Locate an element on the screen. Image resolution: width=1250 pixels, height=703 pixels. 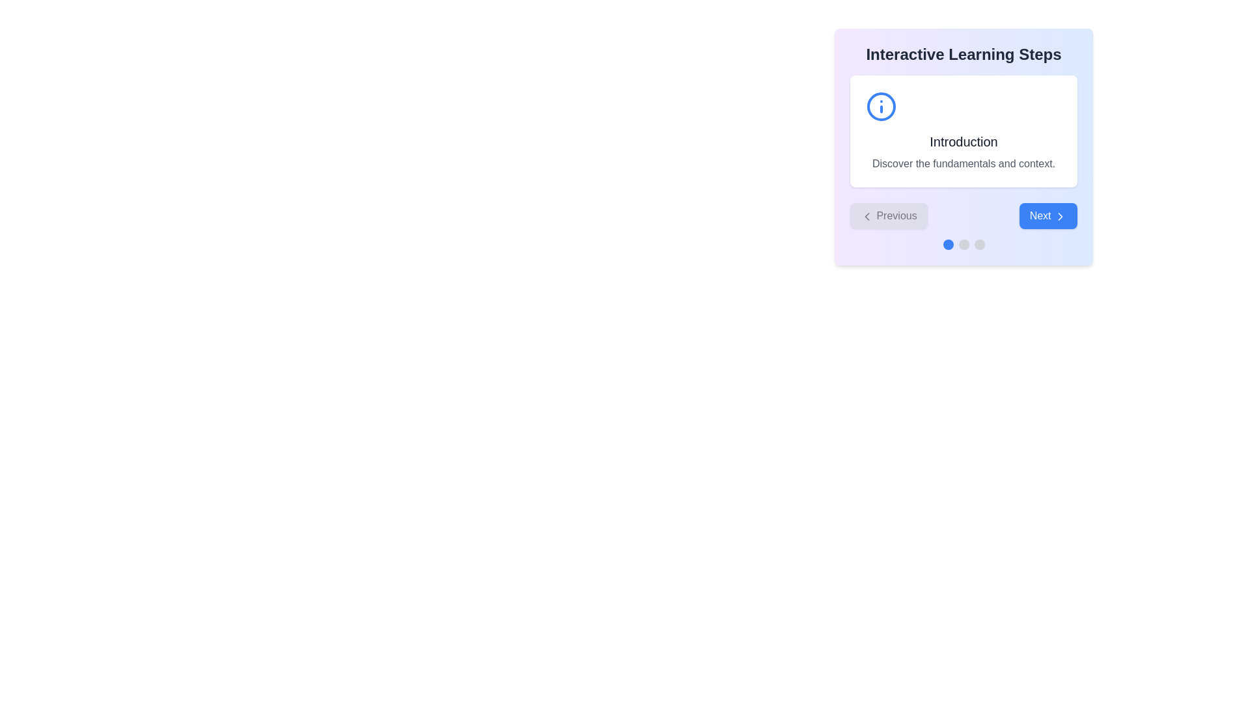
the leftmost progress indicator in the sequence, which visually represents the current active step is located at coordinates (948, 244).